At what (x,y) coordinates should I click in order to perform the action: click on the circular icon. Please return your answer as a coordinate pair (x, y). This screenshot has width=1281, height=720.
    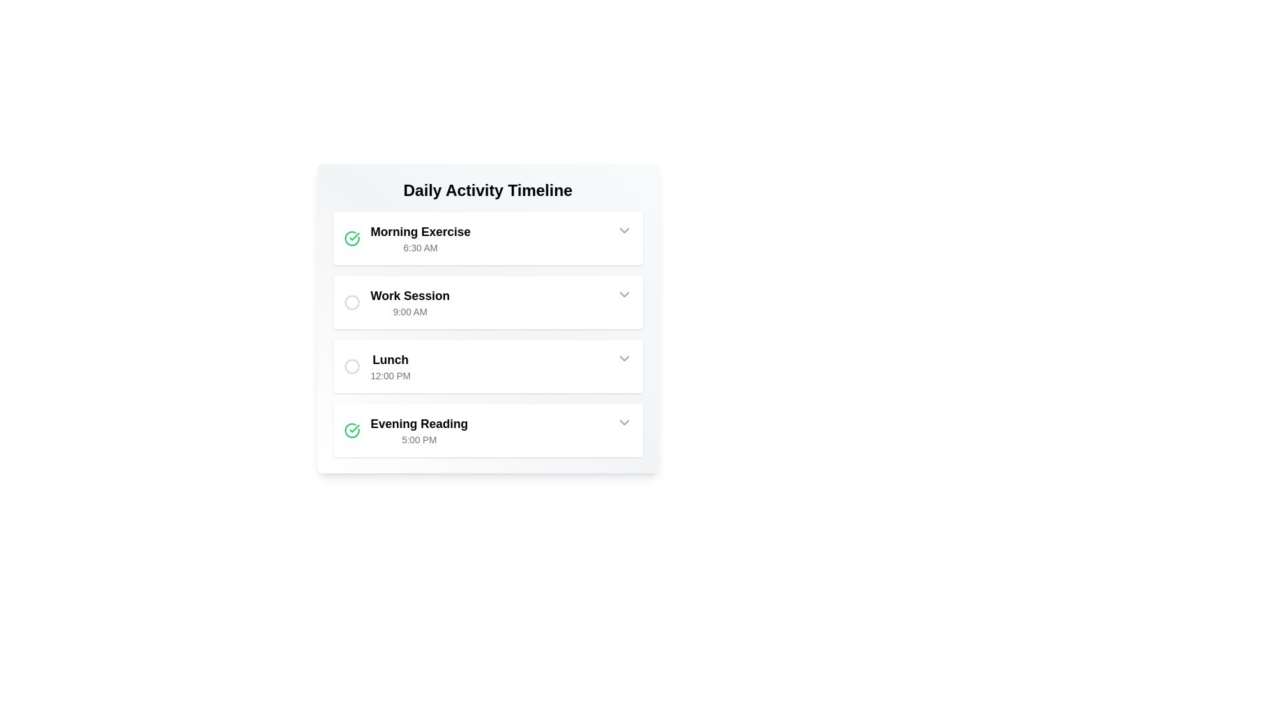
    Looking at the image, I should click on (396, 303).